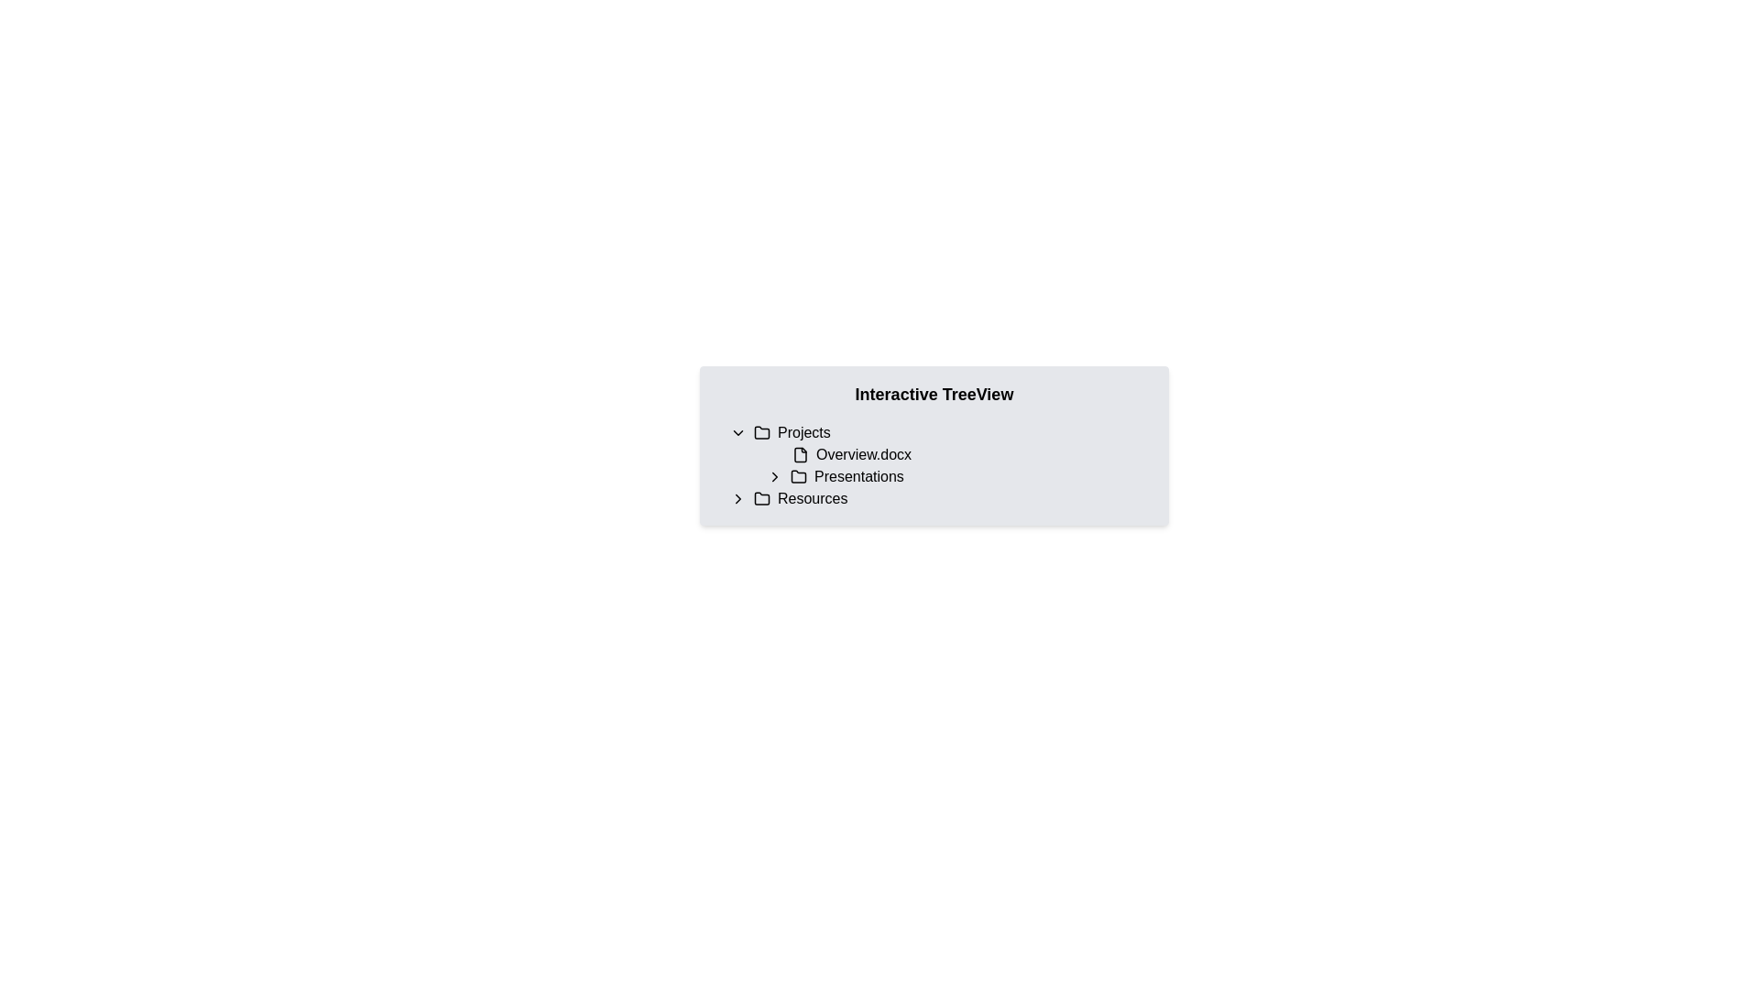 The image size is (1759, 989). Describe the element at coordinates (761, 497) in the screenshot. I see `the open folder icon representing the 'Resources' folder in the Interactive TreeView` at that location.